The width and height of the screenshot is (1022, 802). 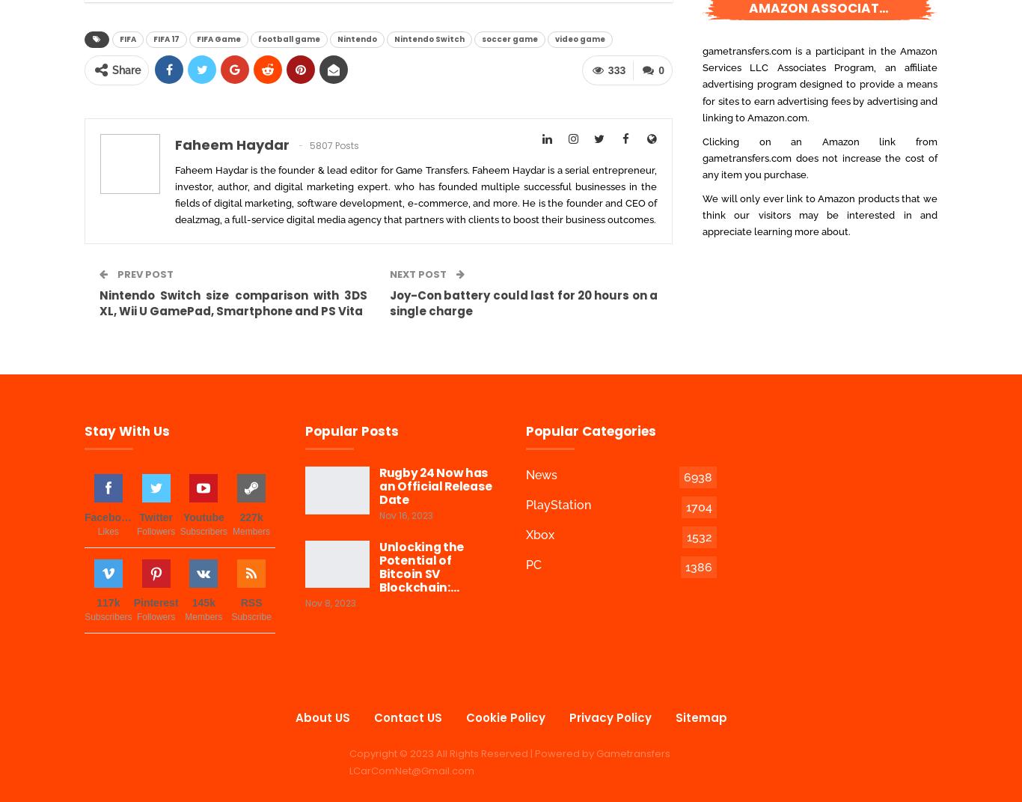 I want to click on 'Share', so click(x=125, y=70).